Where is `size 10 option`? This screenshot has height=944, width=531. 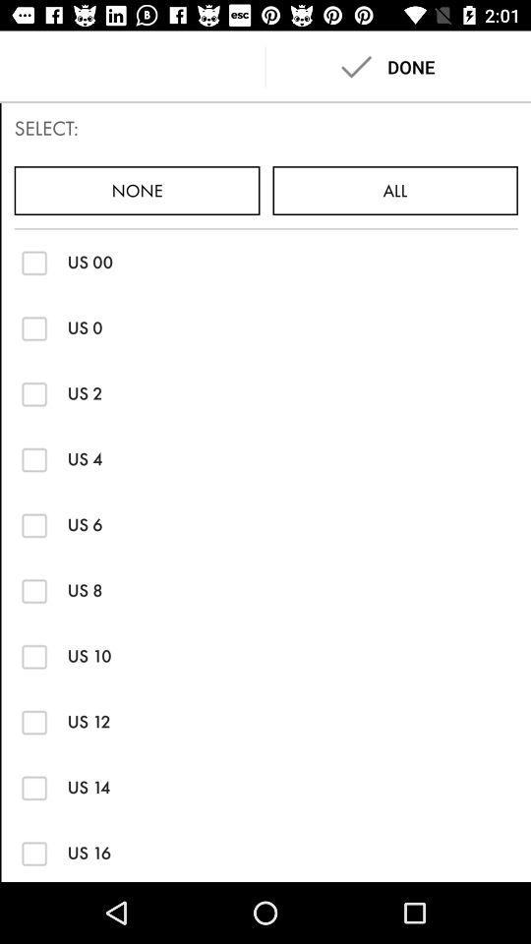
size 10 option is located at coordinates (34, 656).